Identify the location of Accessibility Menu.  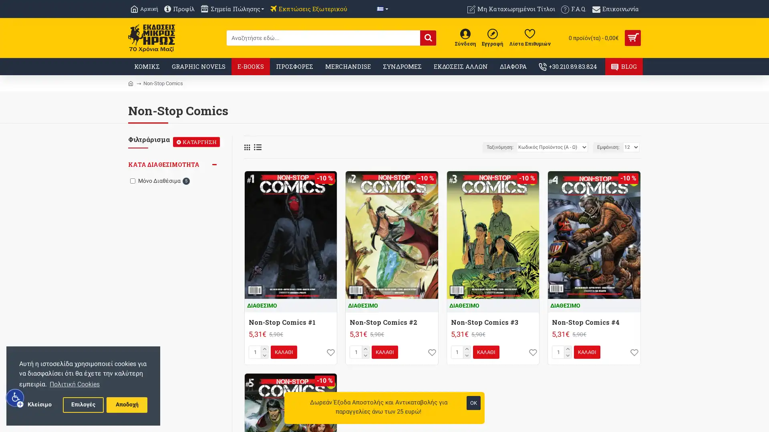
(15, 398).